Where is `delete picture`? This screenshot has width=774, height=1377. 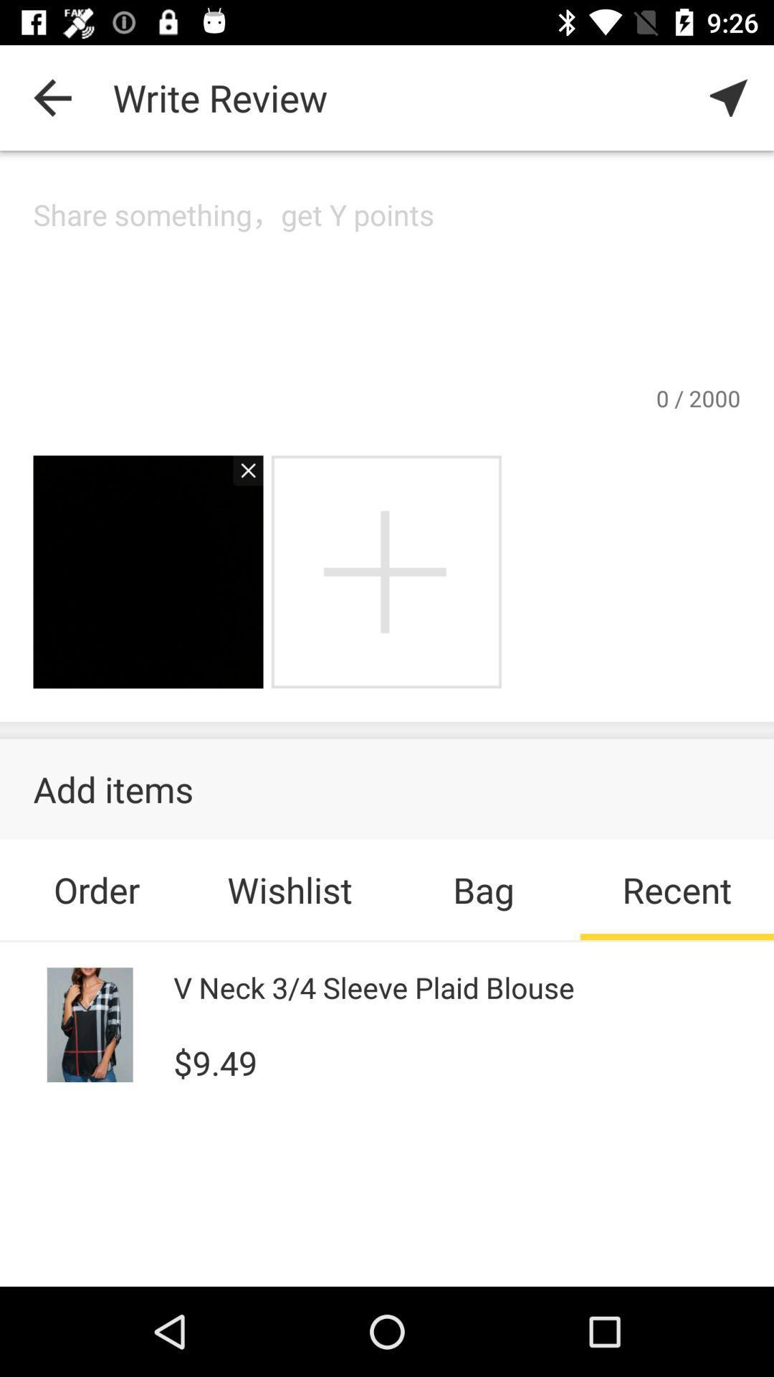
delete picture is located at coordinates (239, 478).